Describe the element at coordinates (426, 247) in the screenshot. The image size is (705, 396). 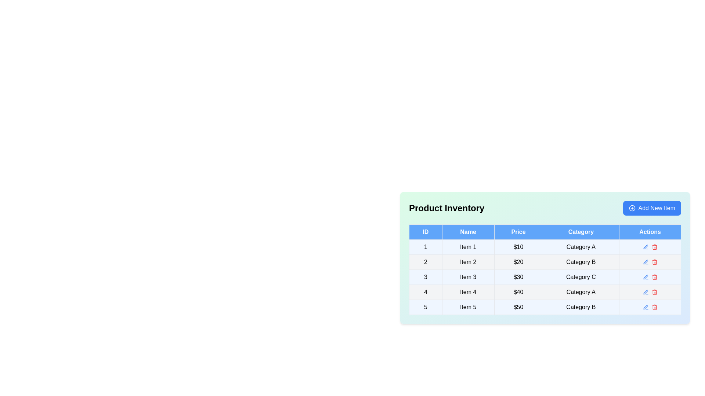
I see `the text element displaying the numeral '1' in the ID field of the row corresponding to 'Item 1', located in the first column of the table` at that location.